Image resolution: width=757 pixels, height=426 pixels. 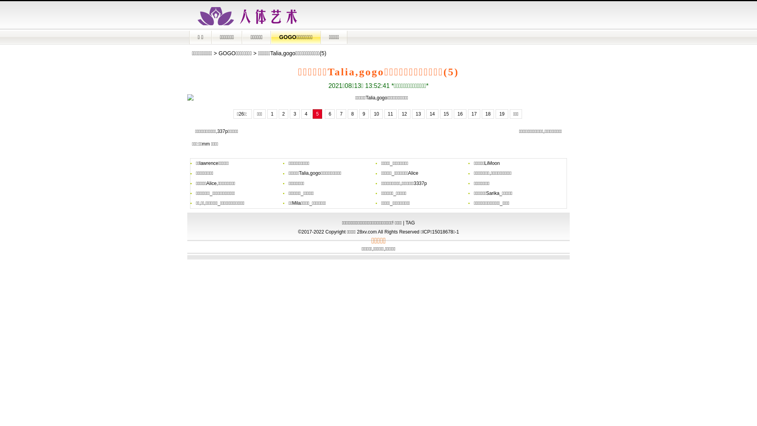 What do you see at coordinates (390, 114) in the screenshot?
I see `'11'` at bounding box center [390, 114].